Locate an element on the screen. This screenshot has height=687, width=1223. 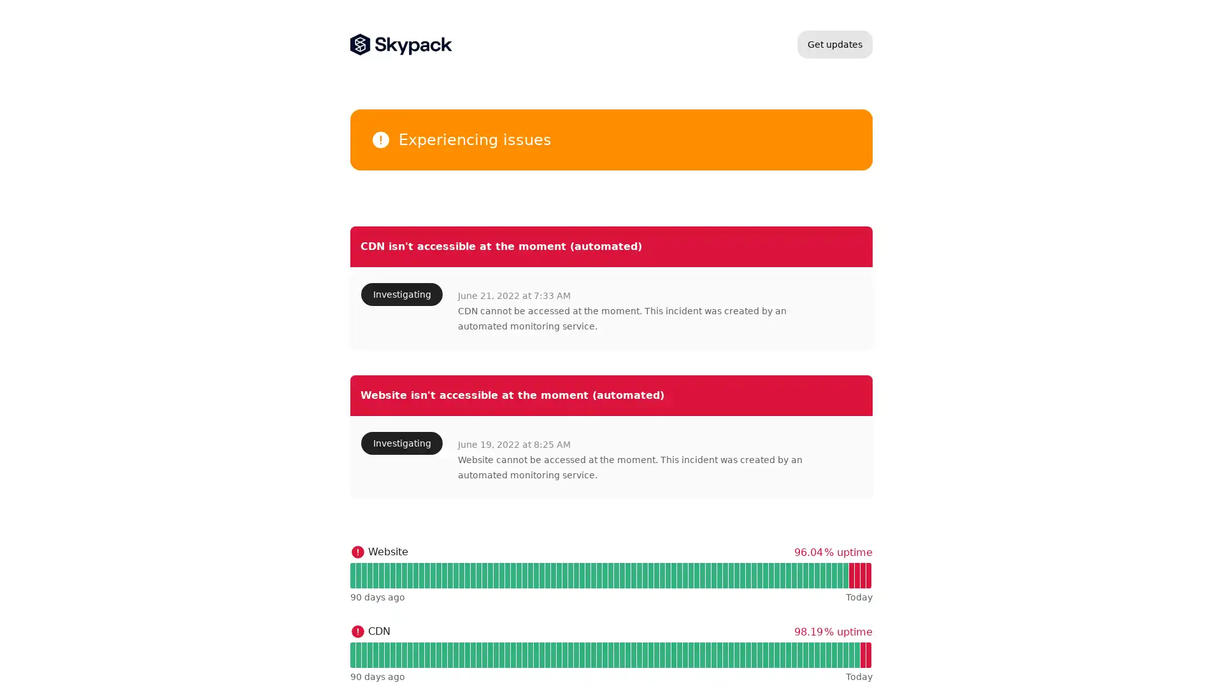
Get updates is located at coordinates (834, 43).